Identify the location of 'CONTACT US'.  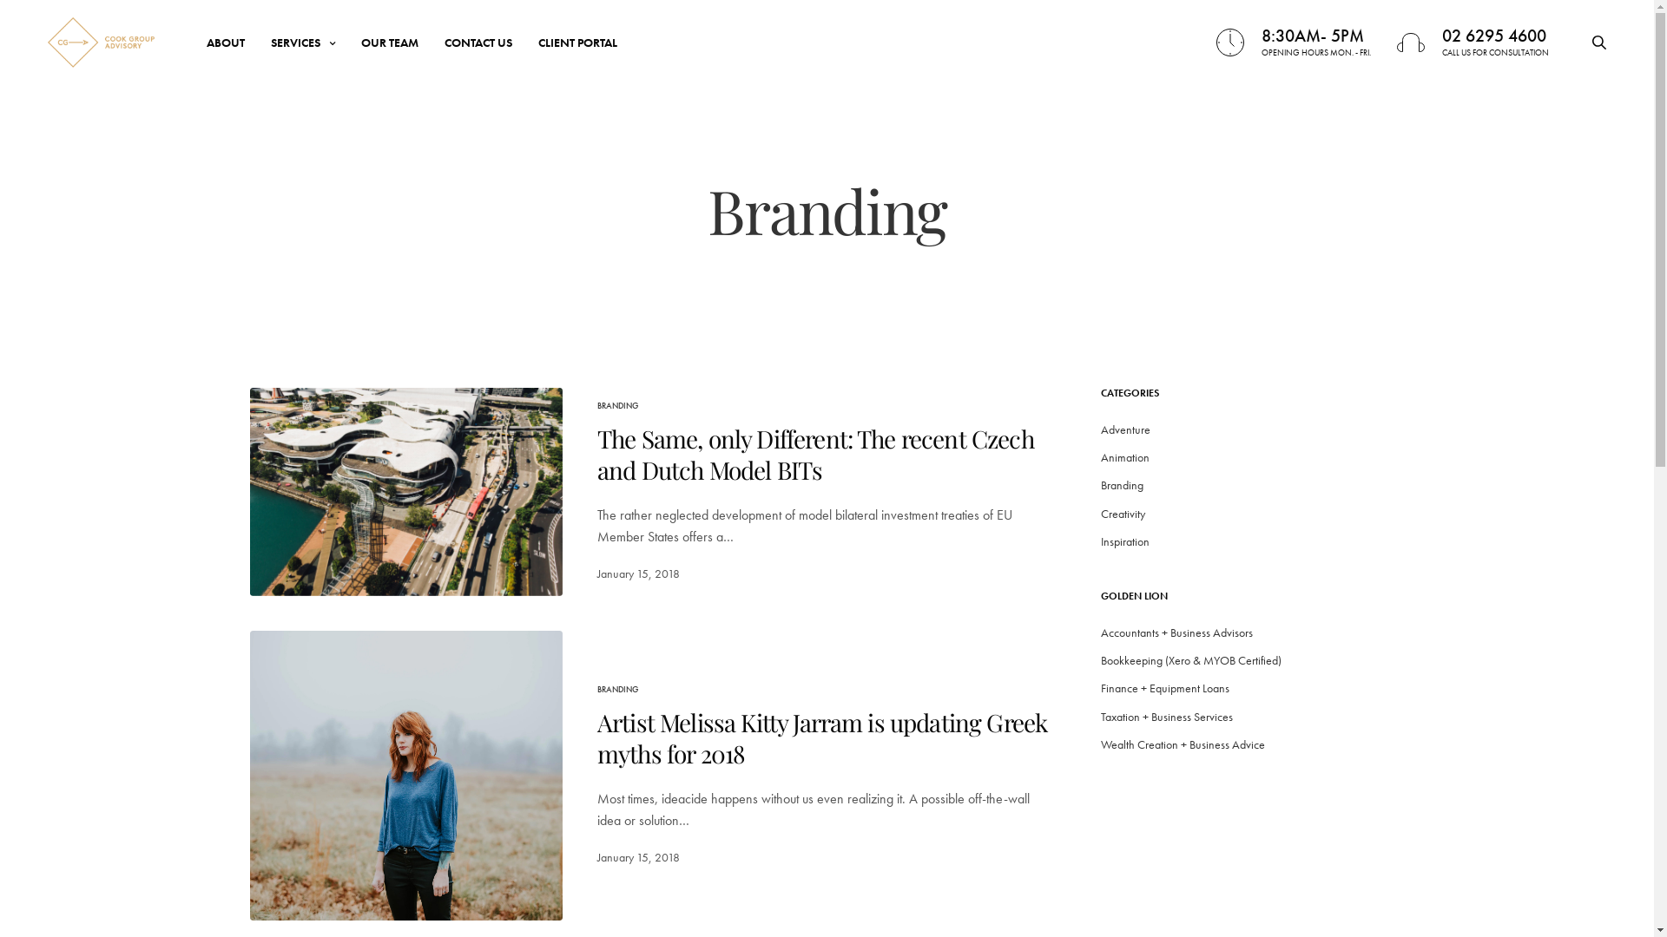
(445, 42).